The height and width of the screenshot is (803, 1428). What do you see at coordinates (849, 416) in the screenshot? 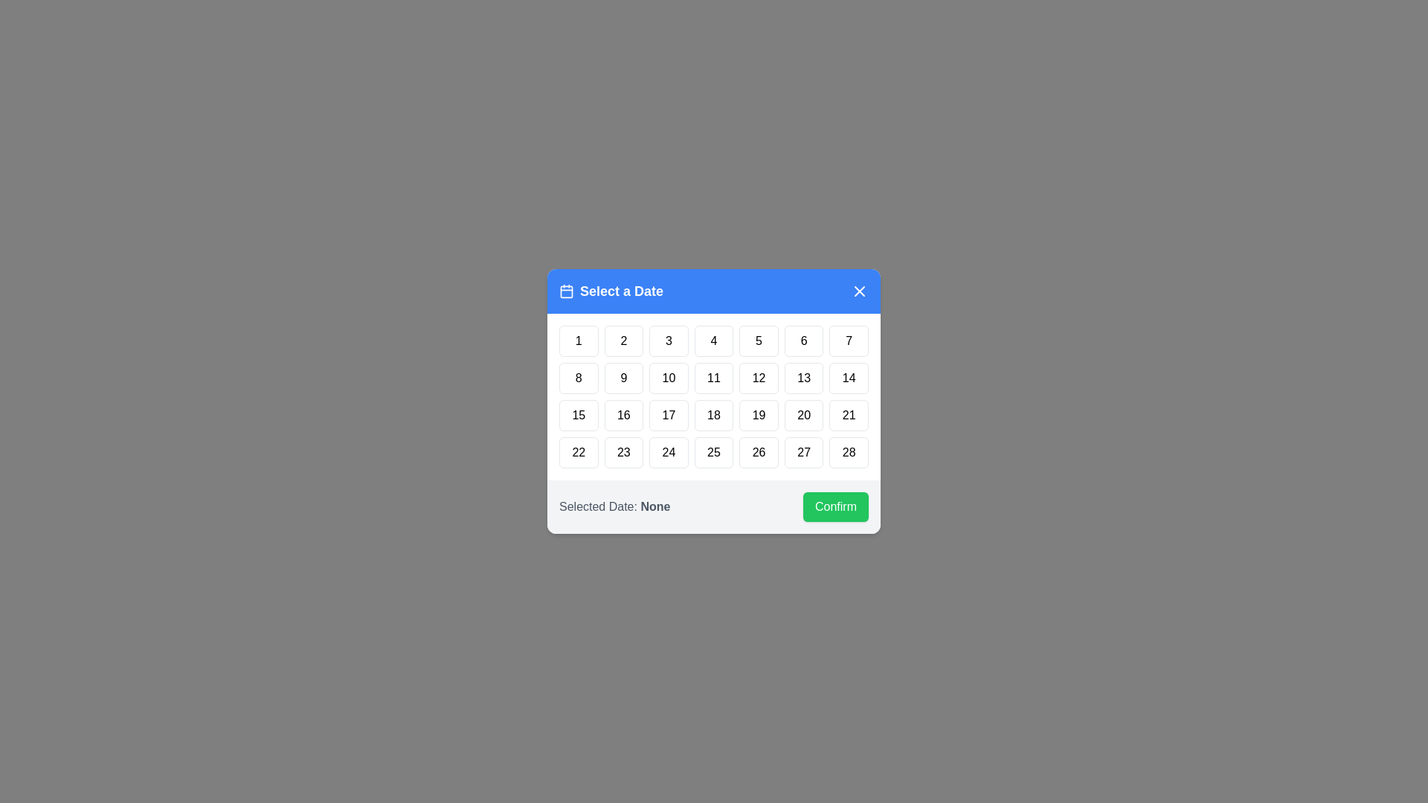
I see `the button representing the day 21 to select that date` at bounding box center [849, 416].